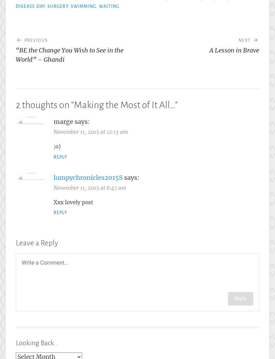 The width and height of the screenshot is (275, 359). What do you see at coordinates (69, 54) in the screenshot?
I see `'“BE the Change You Wish to See in the World” – Ghandi'` at bounding box center [69, 54].